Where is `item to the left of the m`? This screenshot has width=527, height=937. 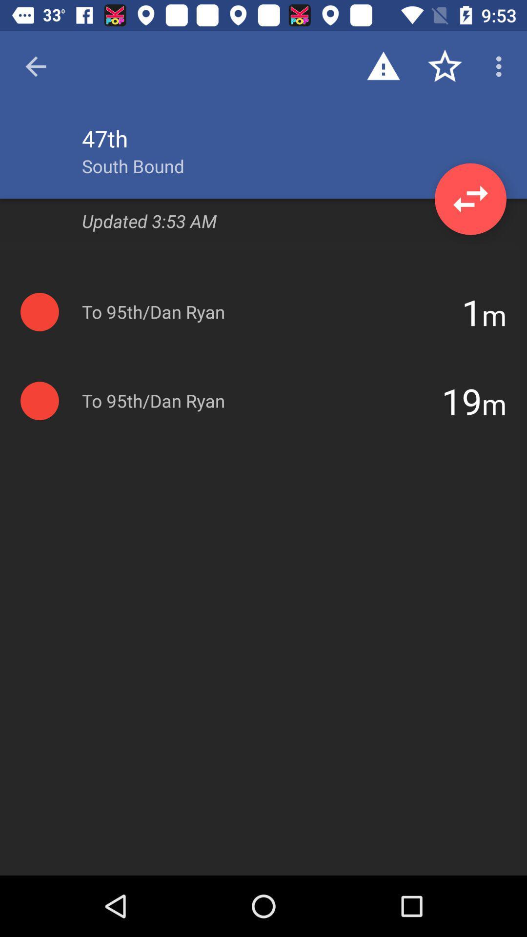 item to the left of the m is located at coordinates (461, 401).